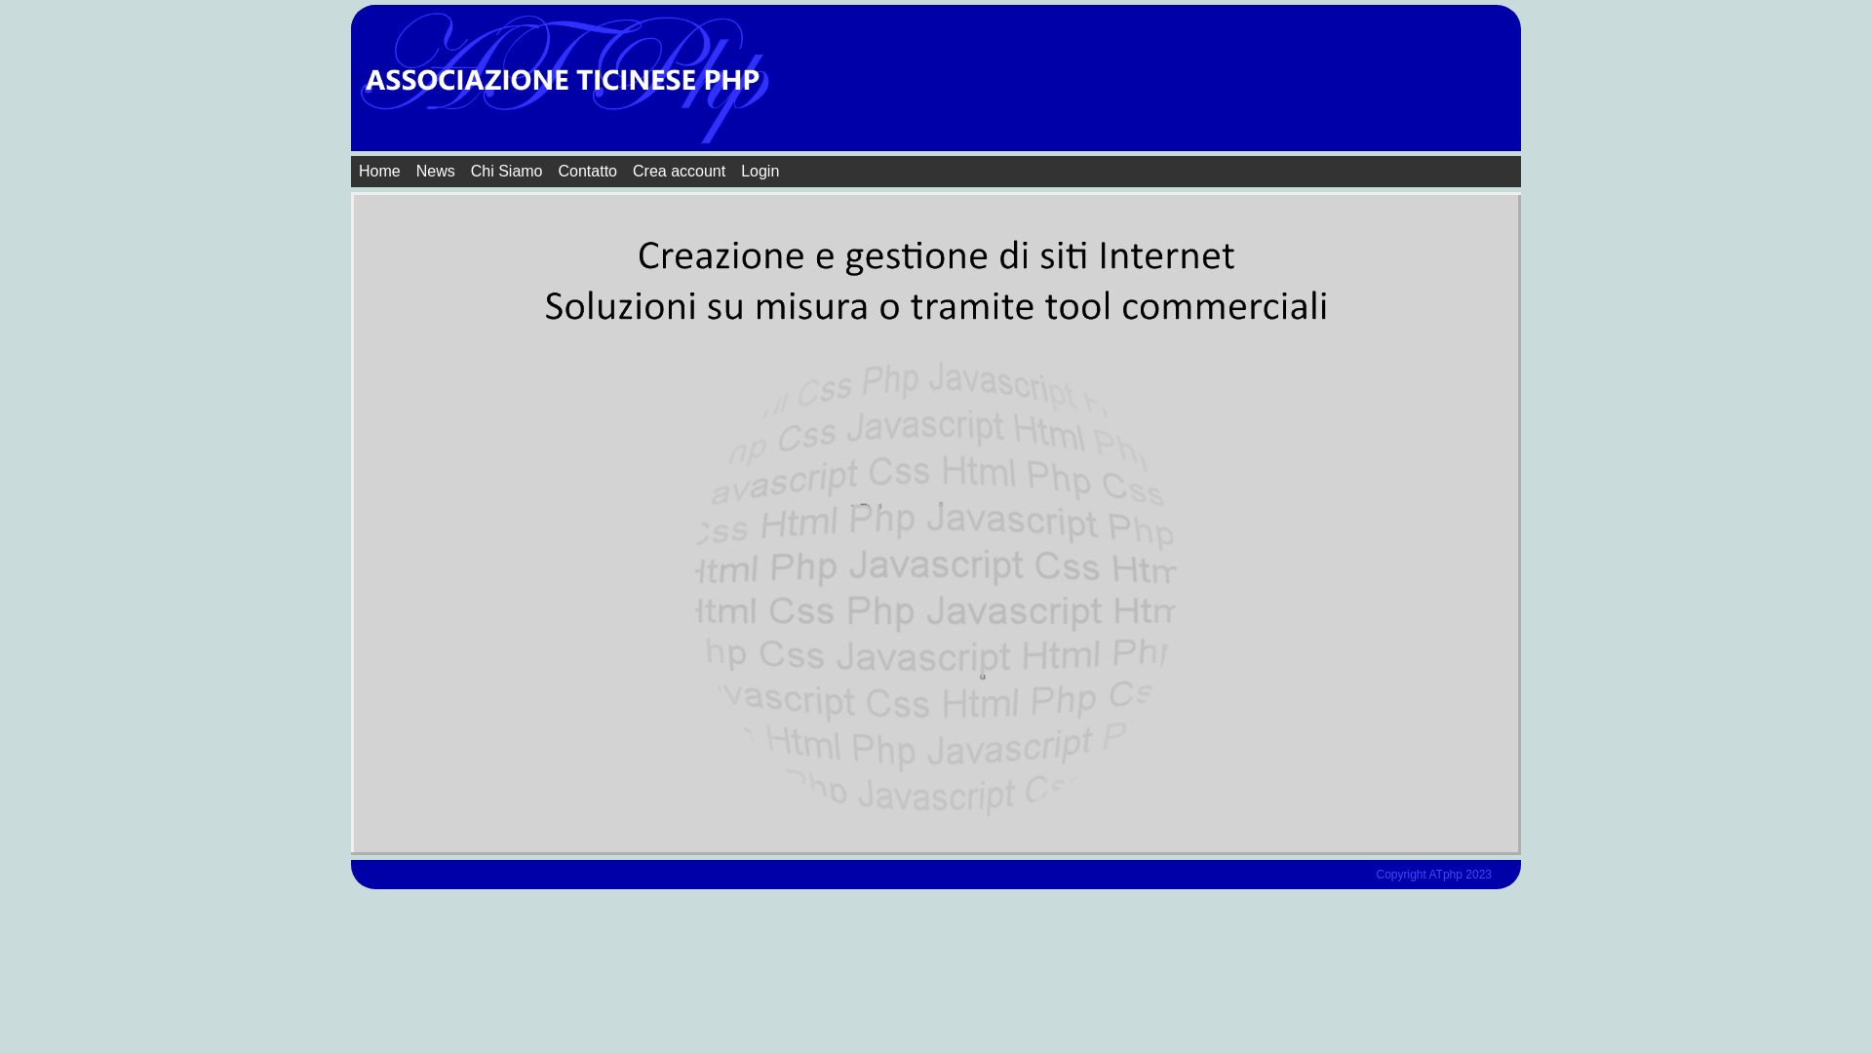  What do you see at coordinates (506, 171) in the screenshot?
I see `'Chi Siamo'` at bounding box center [506, 171].